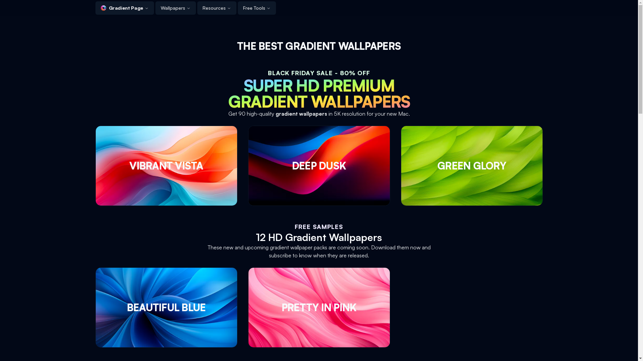 This screenshot has height=361, width=643. I want to click on 'PRETTY IN PINK', so click(318, 308).